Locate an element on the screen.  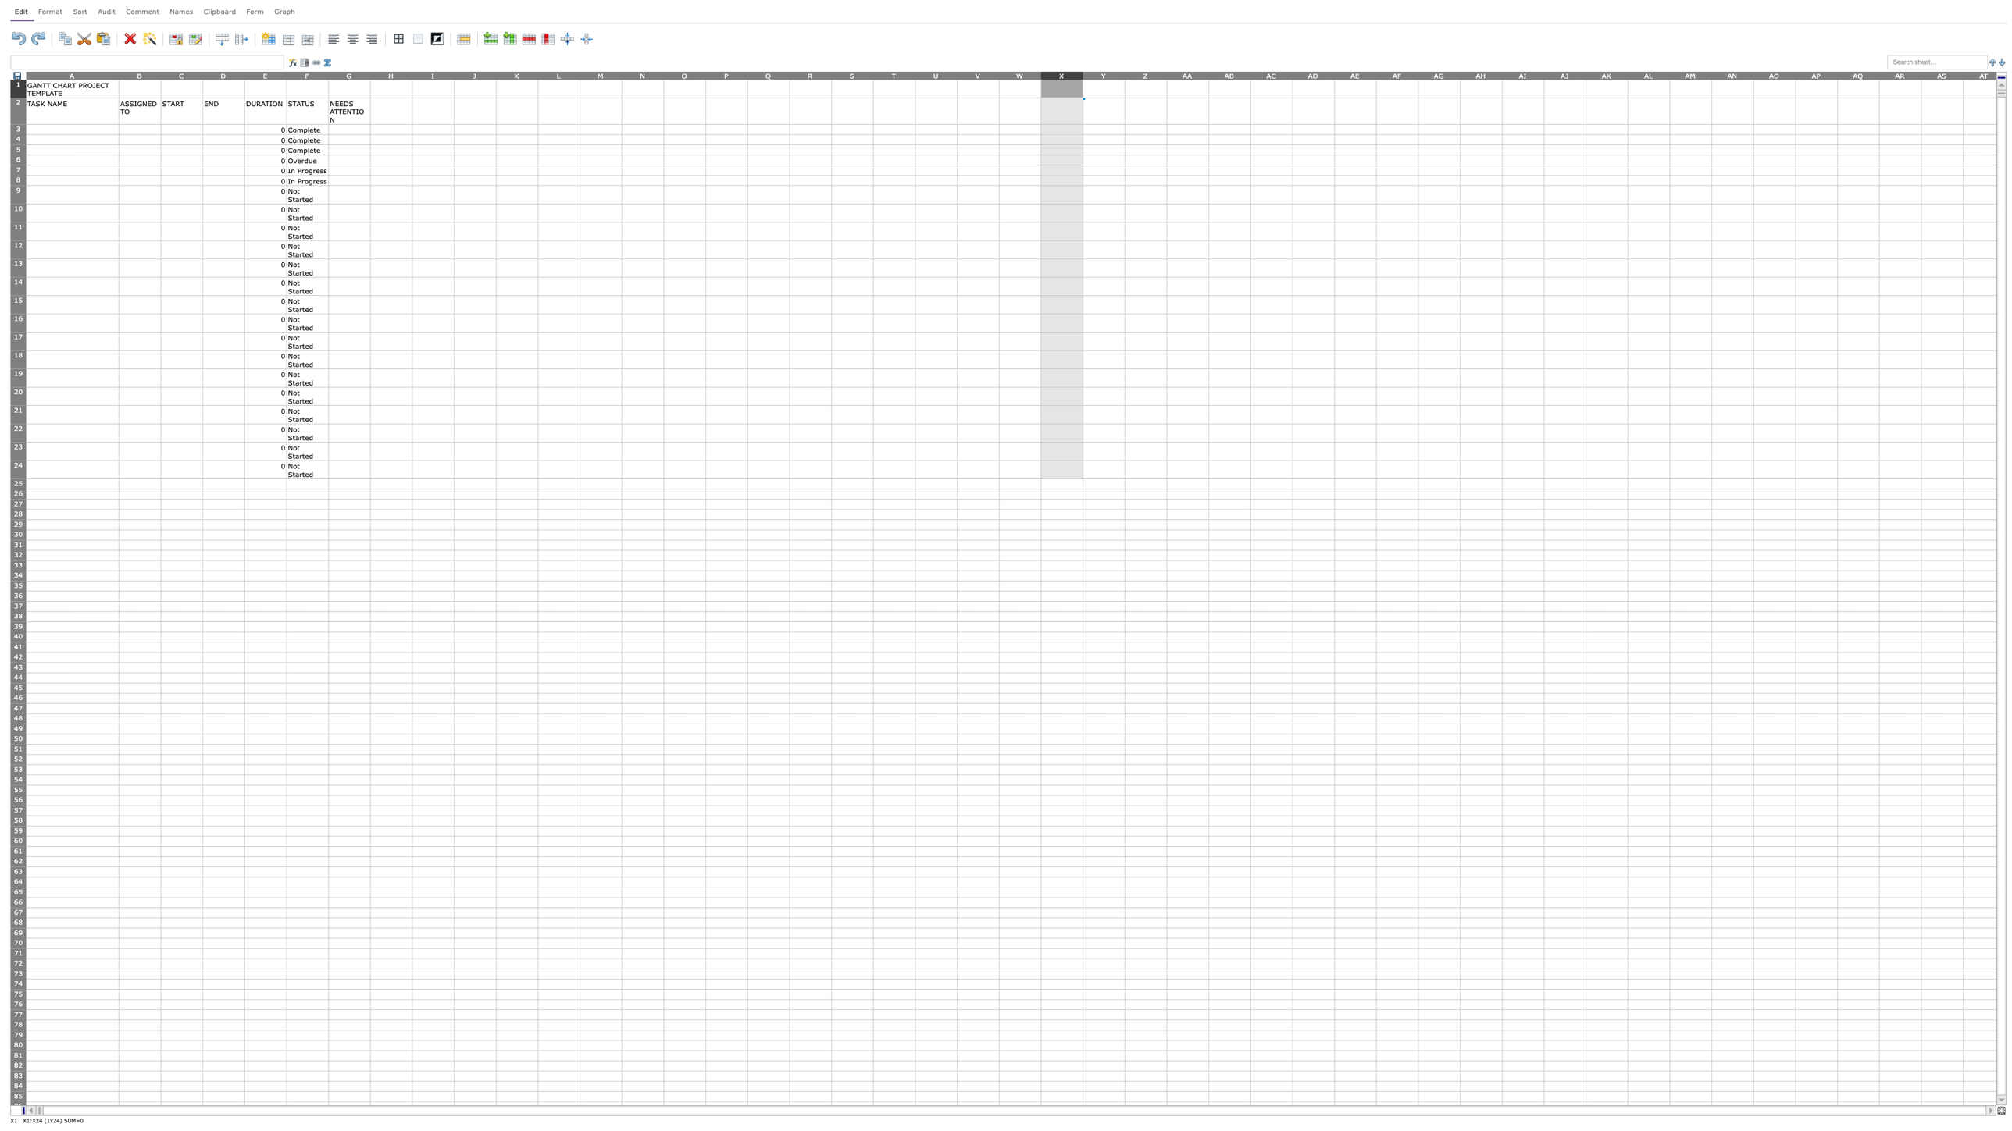
the width adjustment handle for column Y is located at coordinates (1124, 74).